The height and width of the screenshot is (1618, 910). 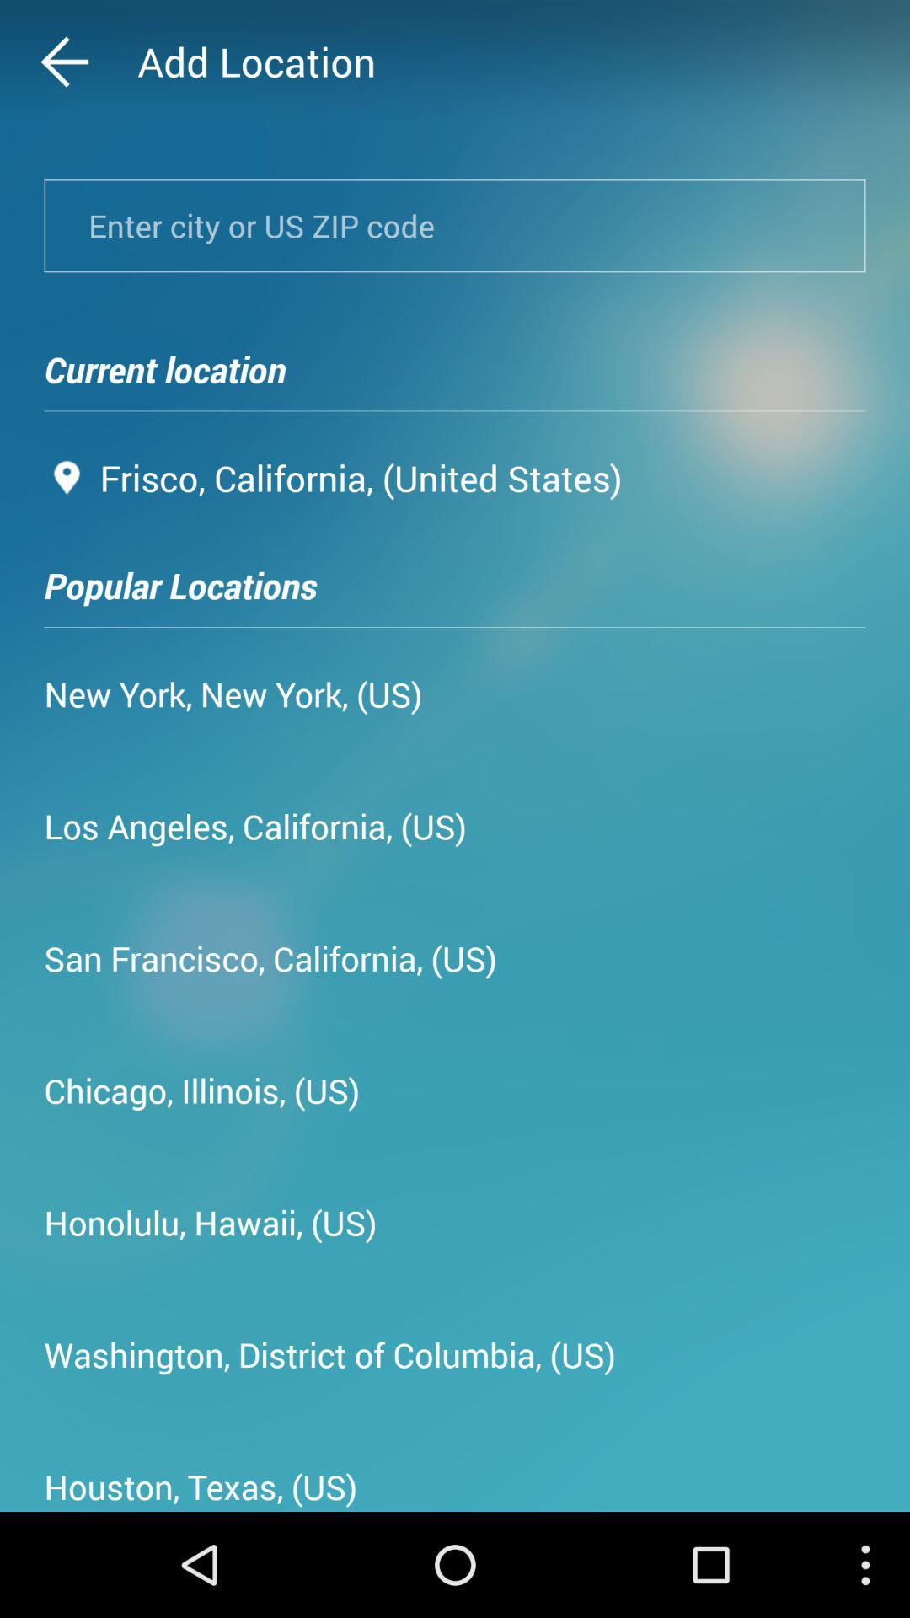 I want to click on the app above the los angeles california, so click(x=233, y=694).